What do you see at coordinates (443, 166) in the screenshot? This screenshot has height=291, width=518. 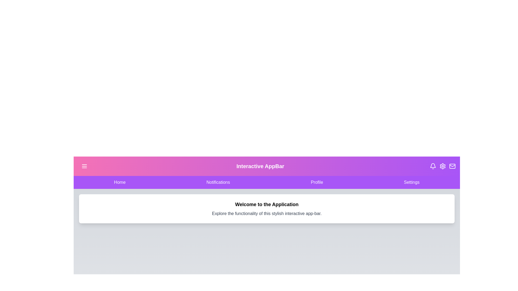 I see `the Settings icon to access settings` at bounding box center [443, 166].